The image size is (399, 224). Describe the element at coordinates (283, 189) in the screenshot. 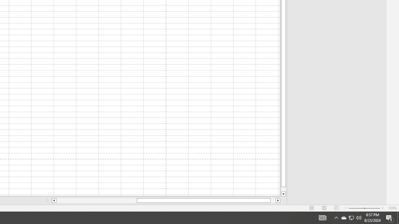

I see `'Page down'` at that location.